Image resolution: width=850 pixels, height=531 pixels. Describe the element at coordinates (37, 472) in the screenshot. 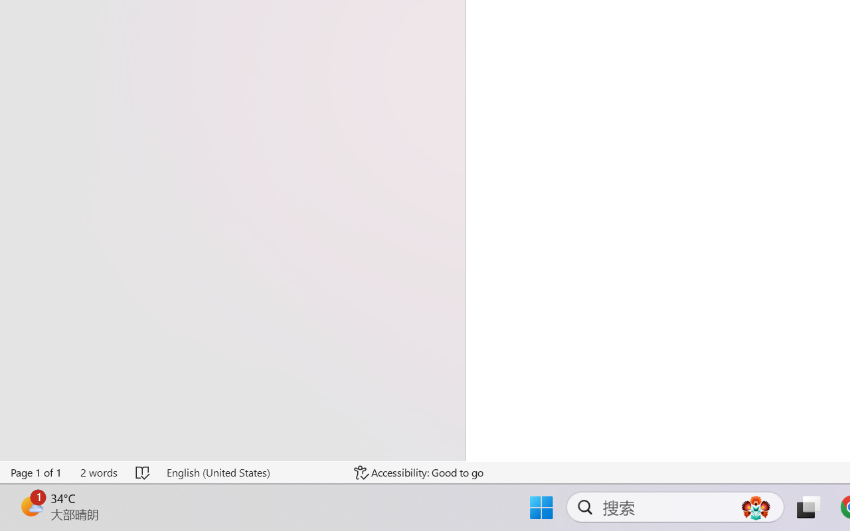

I see `'Page Number Page 1 of 1'` at that location.